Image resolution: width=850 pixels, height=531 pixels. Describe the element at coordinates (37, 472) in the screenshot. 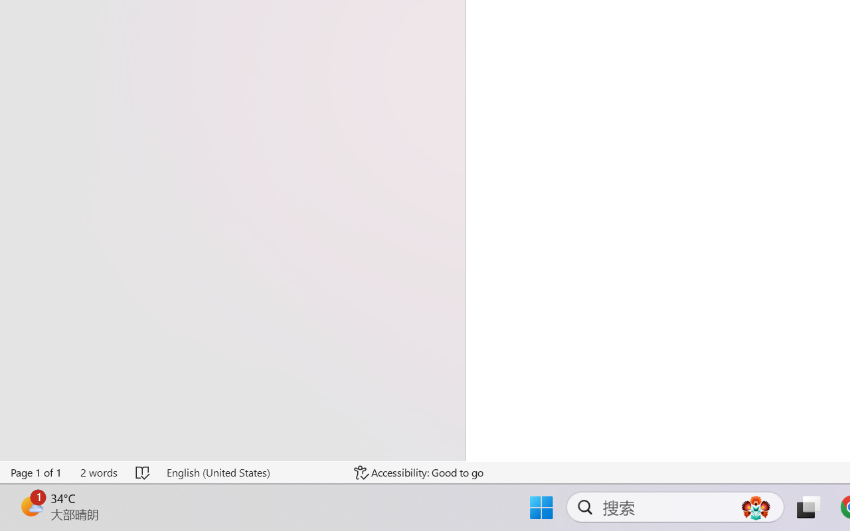

I see `'Page Number Page 1 of 1'` at that location.